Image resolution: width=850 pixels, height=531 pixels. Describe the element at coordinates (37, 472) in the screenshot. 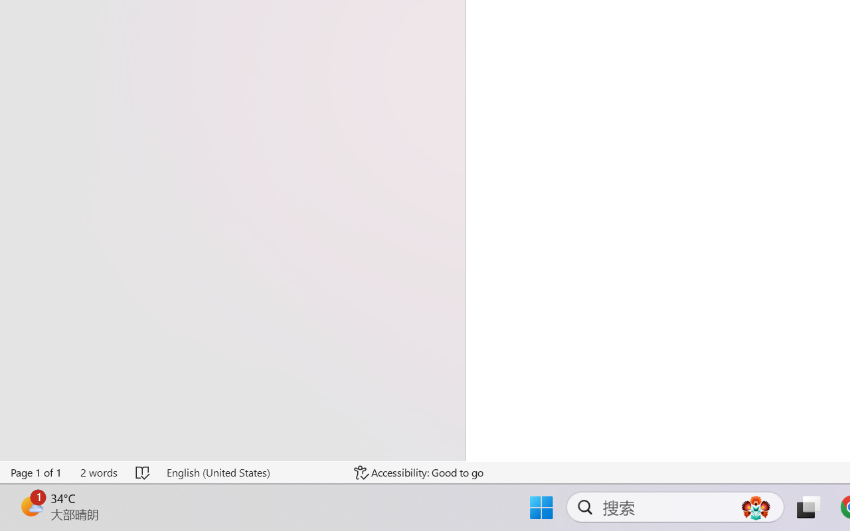

I see `'Page Number Page 1 of 1'` at that location.